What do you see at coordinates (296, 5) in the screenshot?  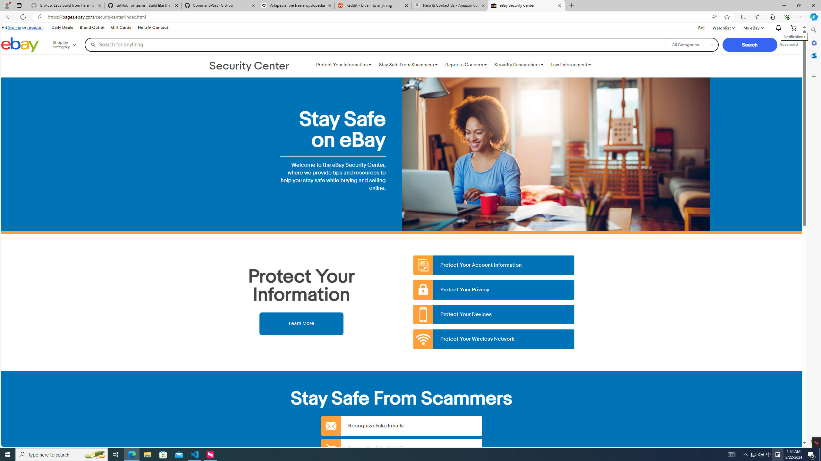 I see `'Wikipedia, the free encyclopedia'` at bounding box center [296, 5].